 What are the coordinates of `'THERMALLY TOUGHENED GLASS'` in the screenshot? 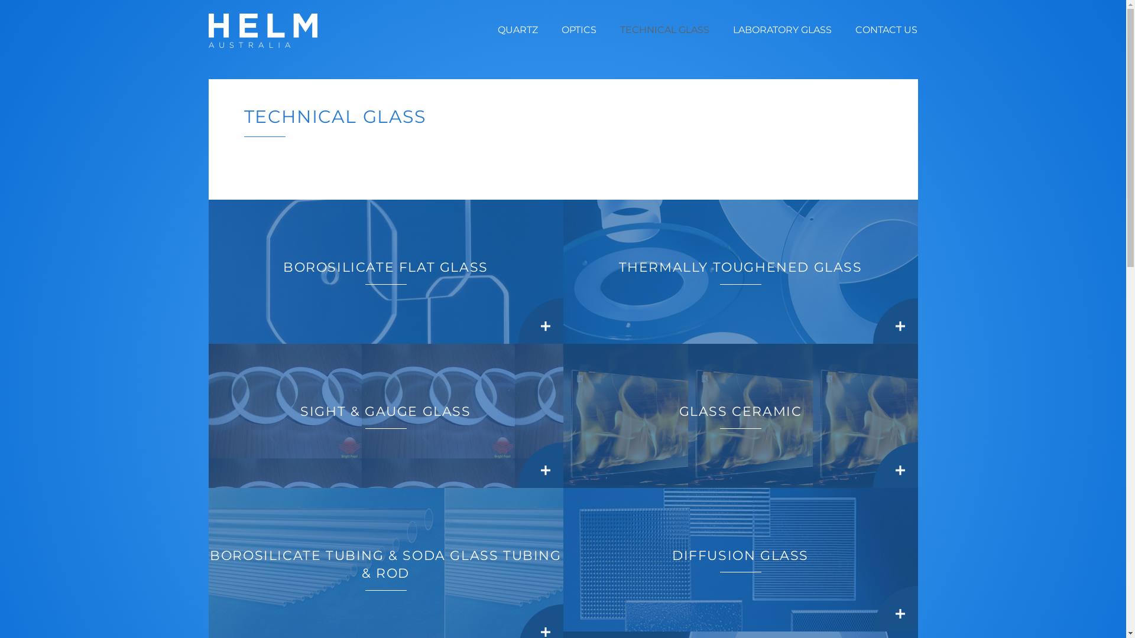 It's located at (740, 271).